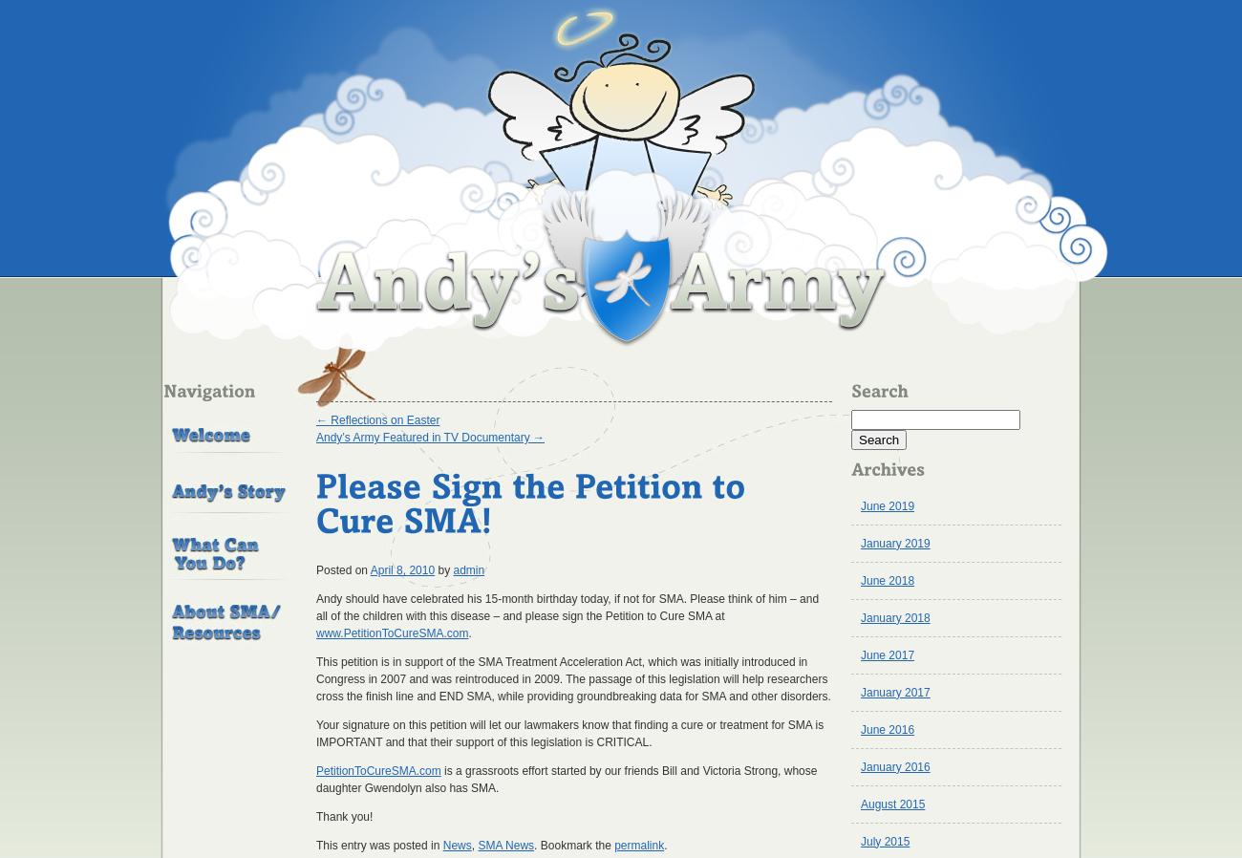 The width and height of the screenshot is (1242, 858). I want to click on 'Reflections on Easter', so click(383, 420).